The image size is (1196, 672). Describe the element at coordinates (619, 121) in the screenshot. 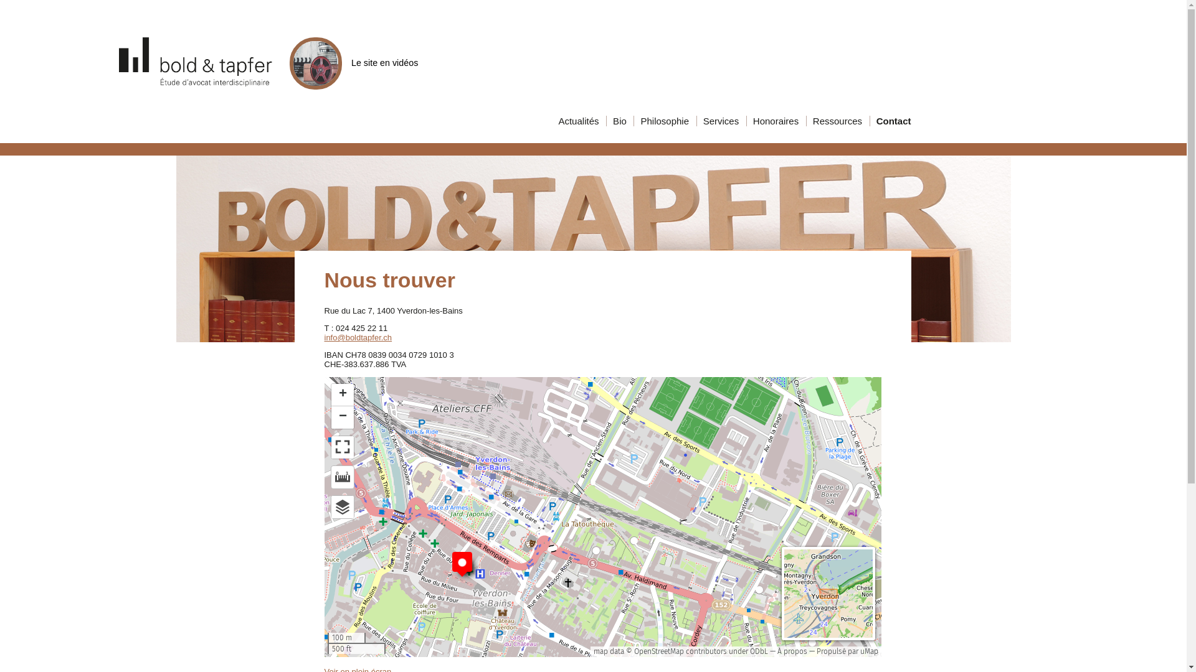

I see `'Bio'` at that location.